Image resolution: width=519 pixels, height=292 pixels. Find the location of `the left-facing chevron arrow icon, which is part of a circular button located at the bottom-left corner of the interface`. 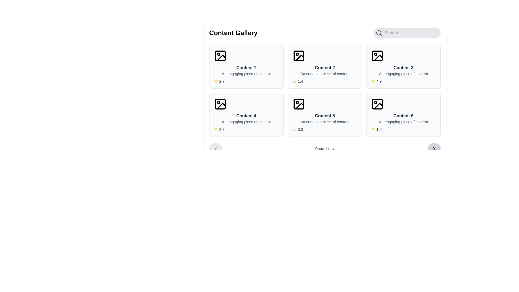

the left-facing chevron arrow icon, which is part of a circular button located at the bottom-left corner of the interface is located at coordinates (215, 149).